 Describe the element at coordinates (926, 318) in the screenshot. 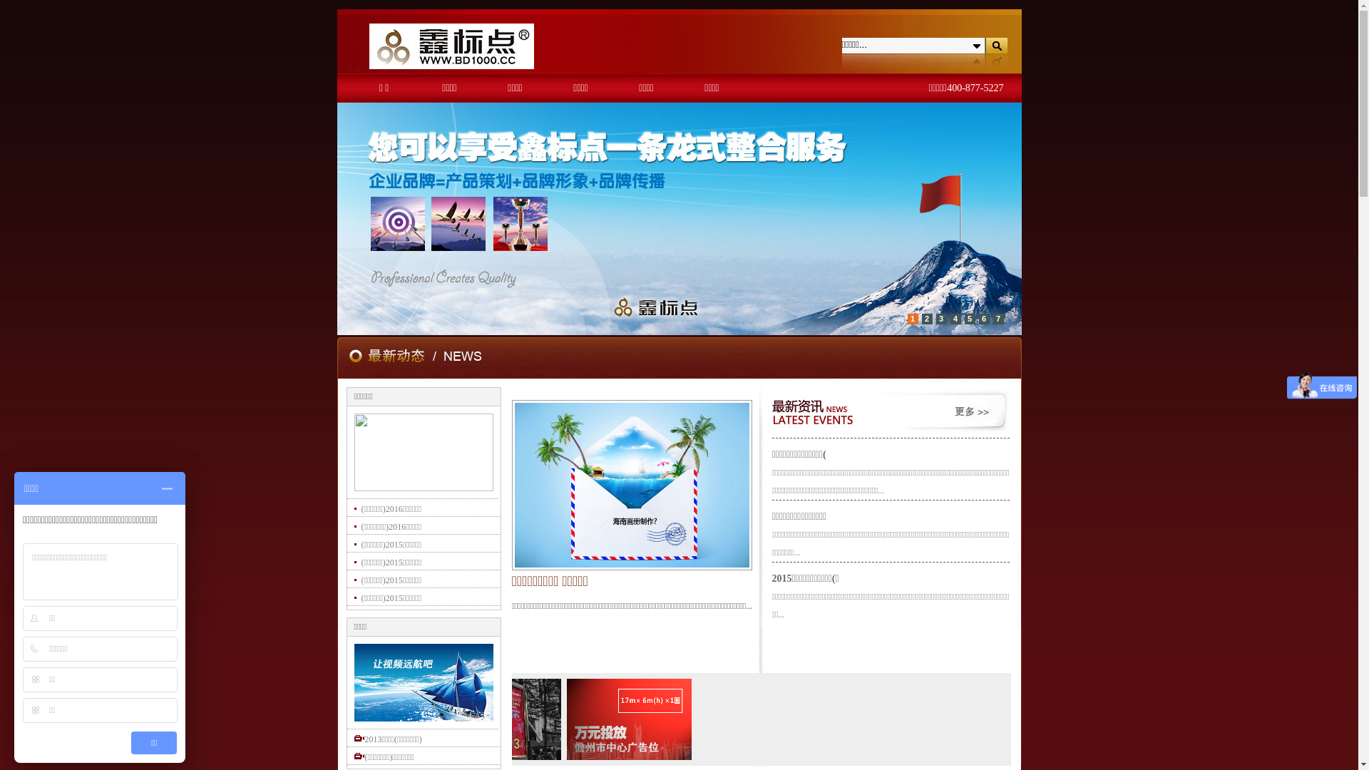

I see `'2'` at that location.